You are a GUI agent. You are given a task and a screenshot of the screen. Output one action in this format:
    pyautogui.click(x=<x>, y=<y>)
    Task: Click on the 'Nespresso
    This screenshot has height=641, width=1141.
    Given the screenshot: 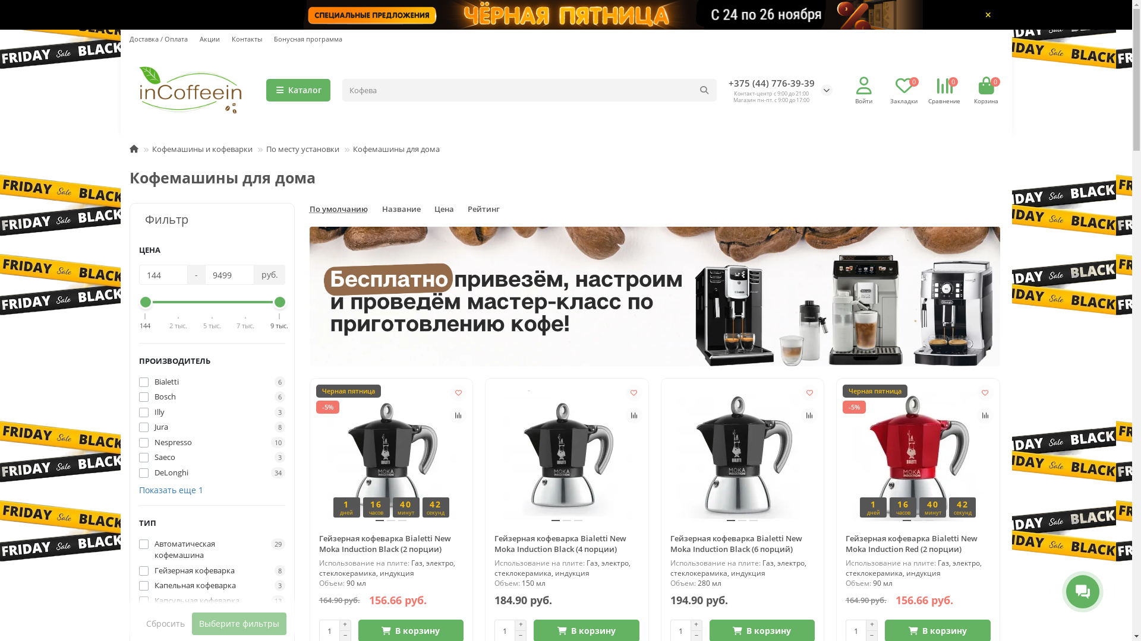 What is the action you would take?
    pyautogui.click(x=212, y=442)
    